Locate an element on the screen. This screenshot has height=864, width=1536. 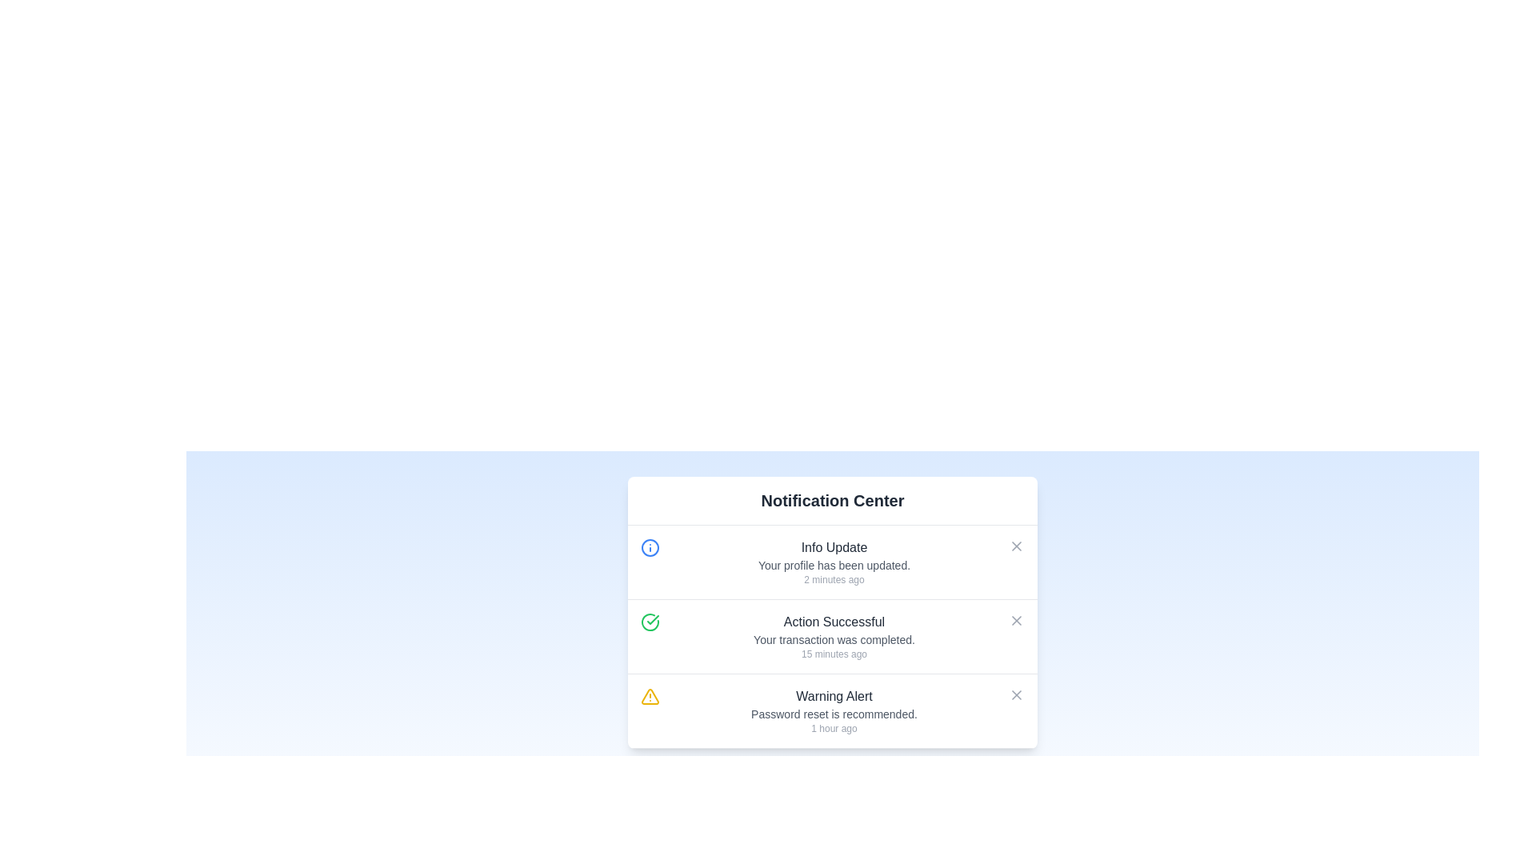
the circular icon with a green checkmark representing success, located to the left of the text 'Action Successful' is located at coordinates (650, 622).